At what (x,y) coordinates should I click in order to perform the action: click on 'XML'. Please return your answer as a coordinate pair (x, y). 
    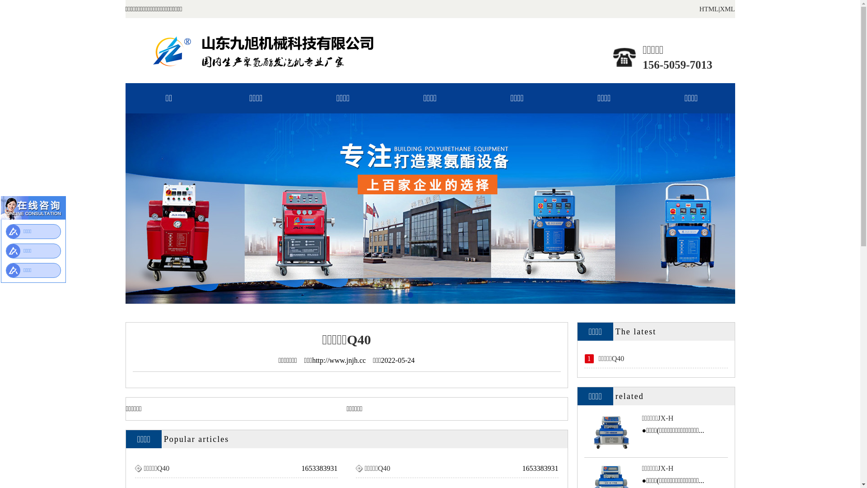
    Looking at the image, I should click on (719, 9).